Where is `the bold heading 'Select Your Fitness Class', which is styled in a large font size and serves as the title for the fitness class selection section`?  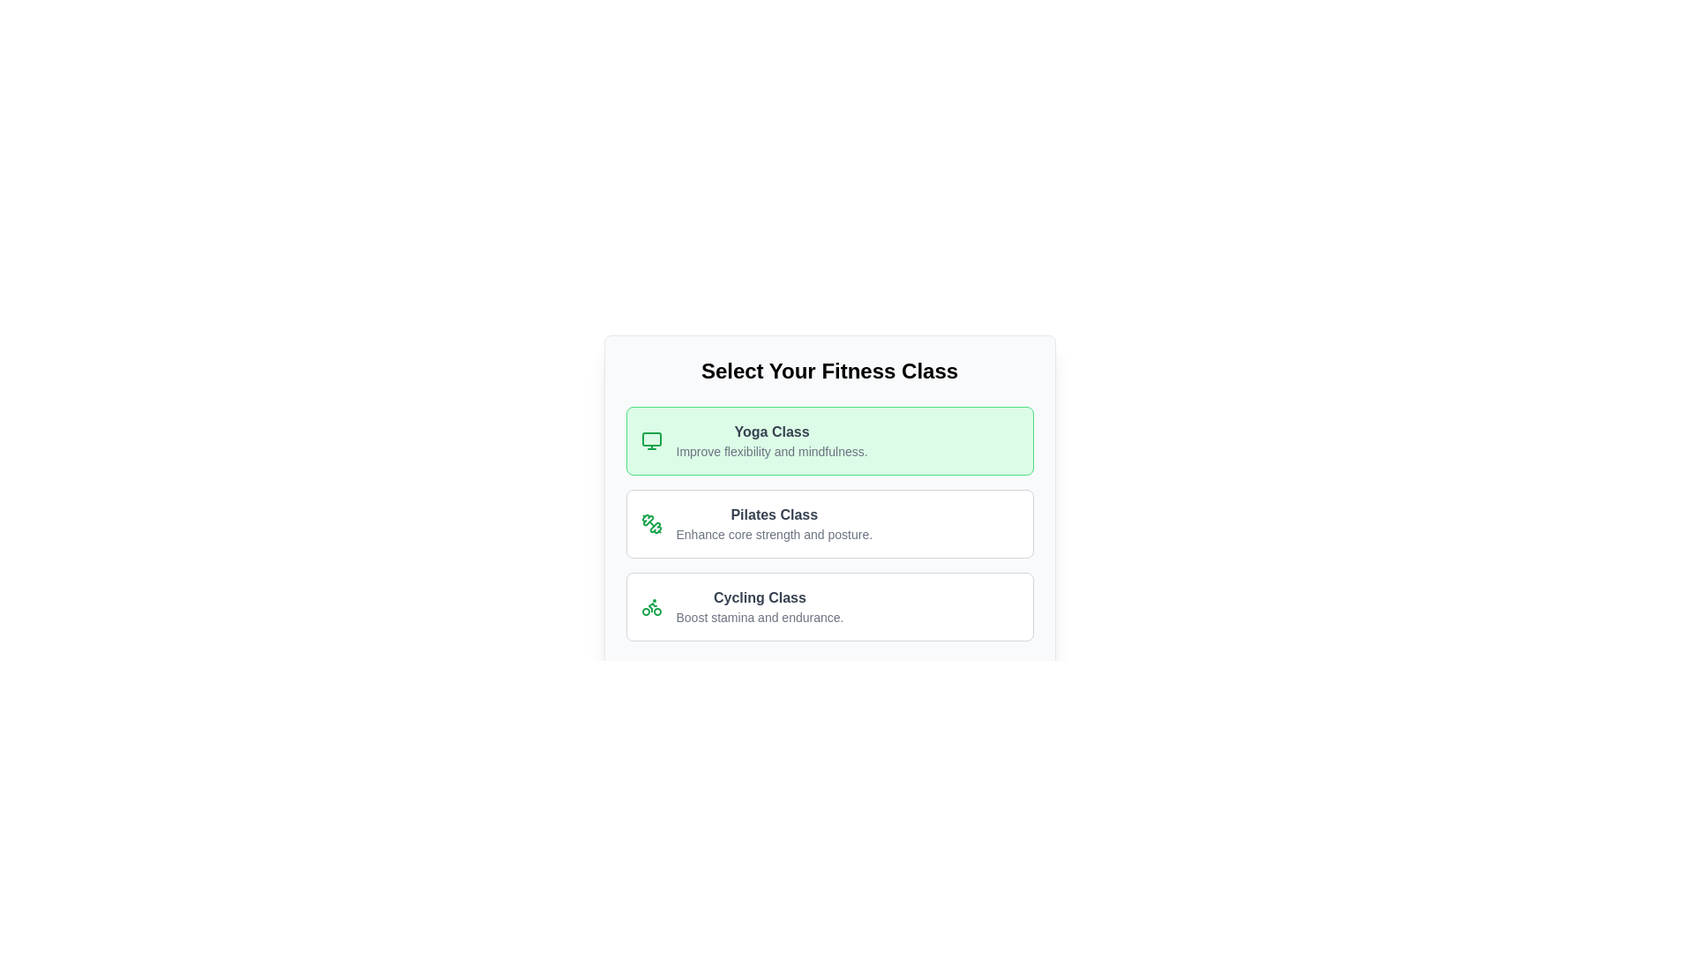
the bold heading 'Select Your Fitness Class', which is styled in a large font size and serves as the title for the fitness class selection section is located at coordinates (828, 370).